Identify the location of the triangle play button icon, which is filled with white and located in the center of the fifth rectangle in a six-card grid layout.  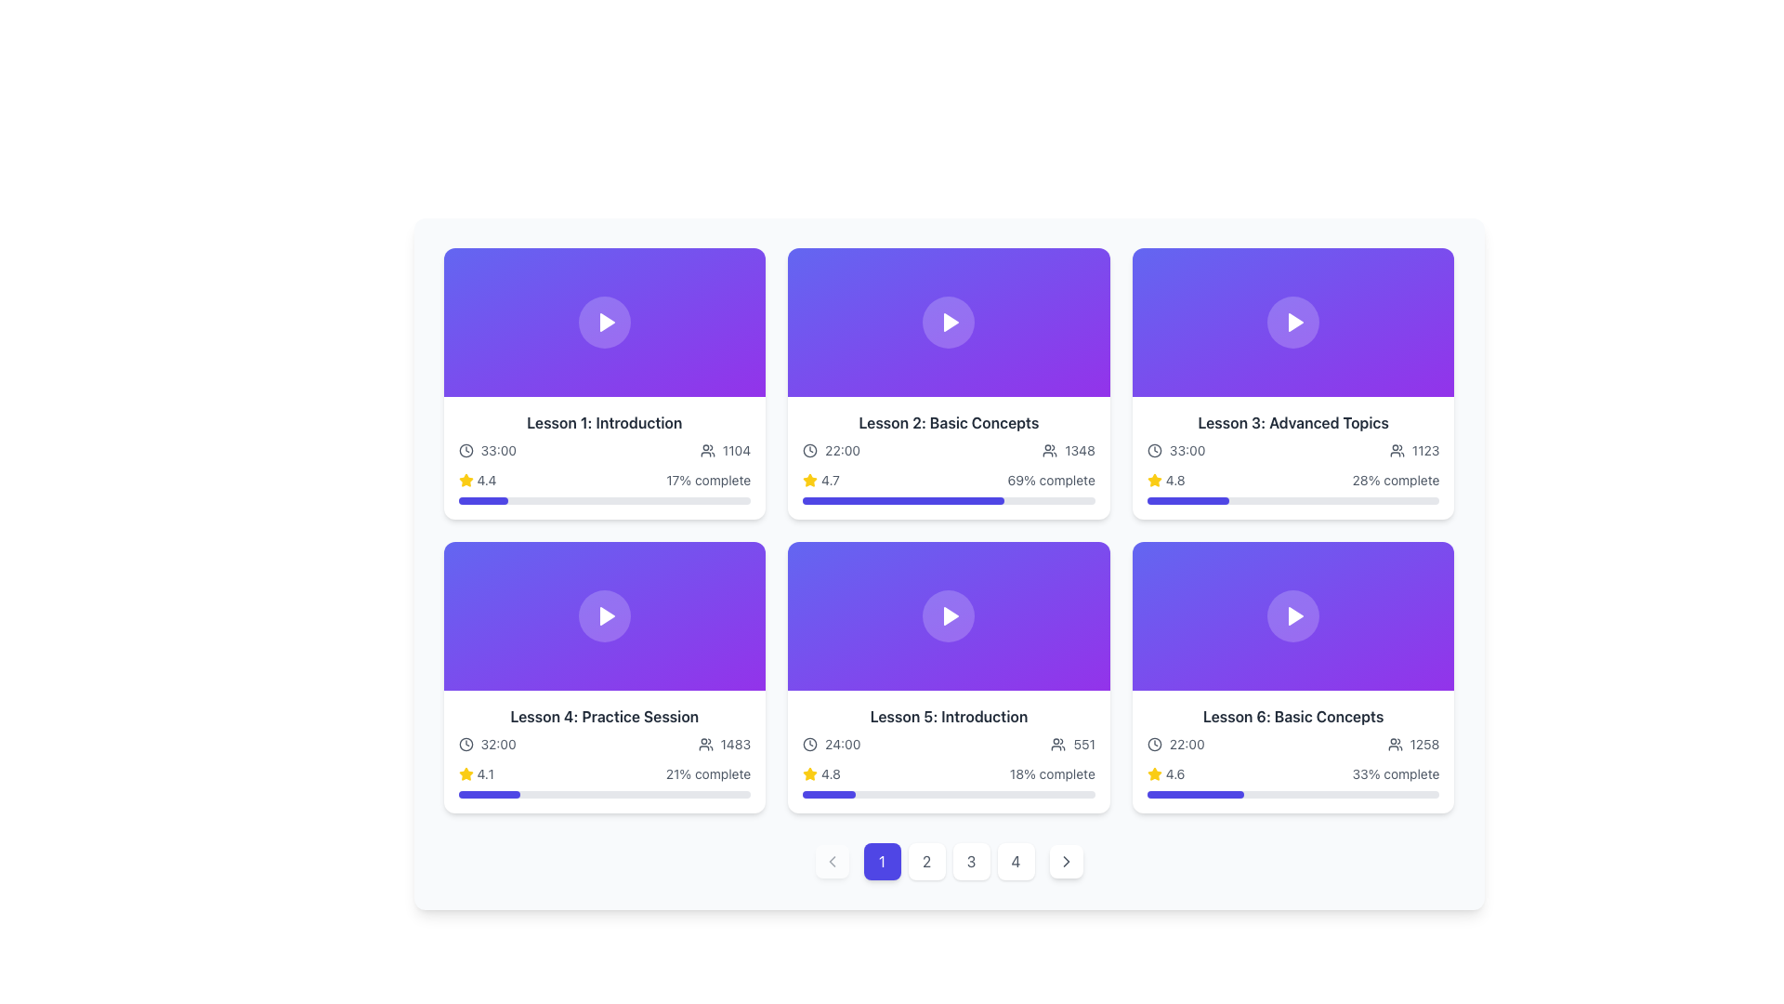
(951, 616).